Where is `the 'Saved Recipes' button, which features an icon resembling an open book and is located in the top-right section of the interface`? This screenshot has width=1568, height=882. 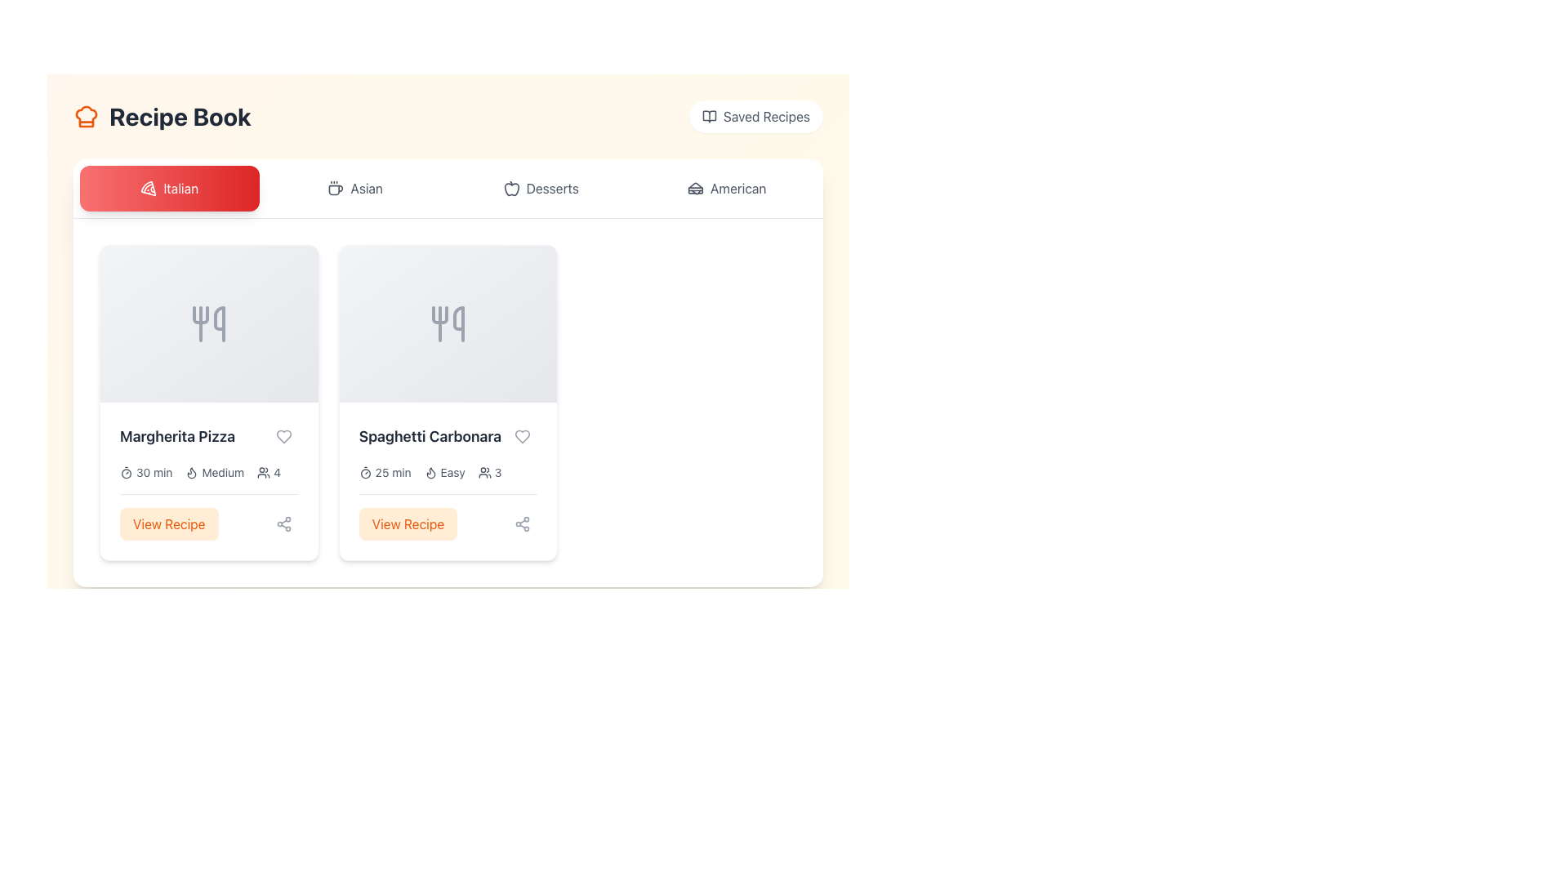
the 'Saved Recipes' button, which features an icon resembling an open book and is located in the top-right section of the interface is located at coordinates (755, 115).